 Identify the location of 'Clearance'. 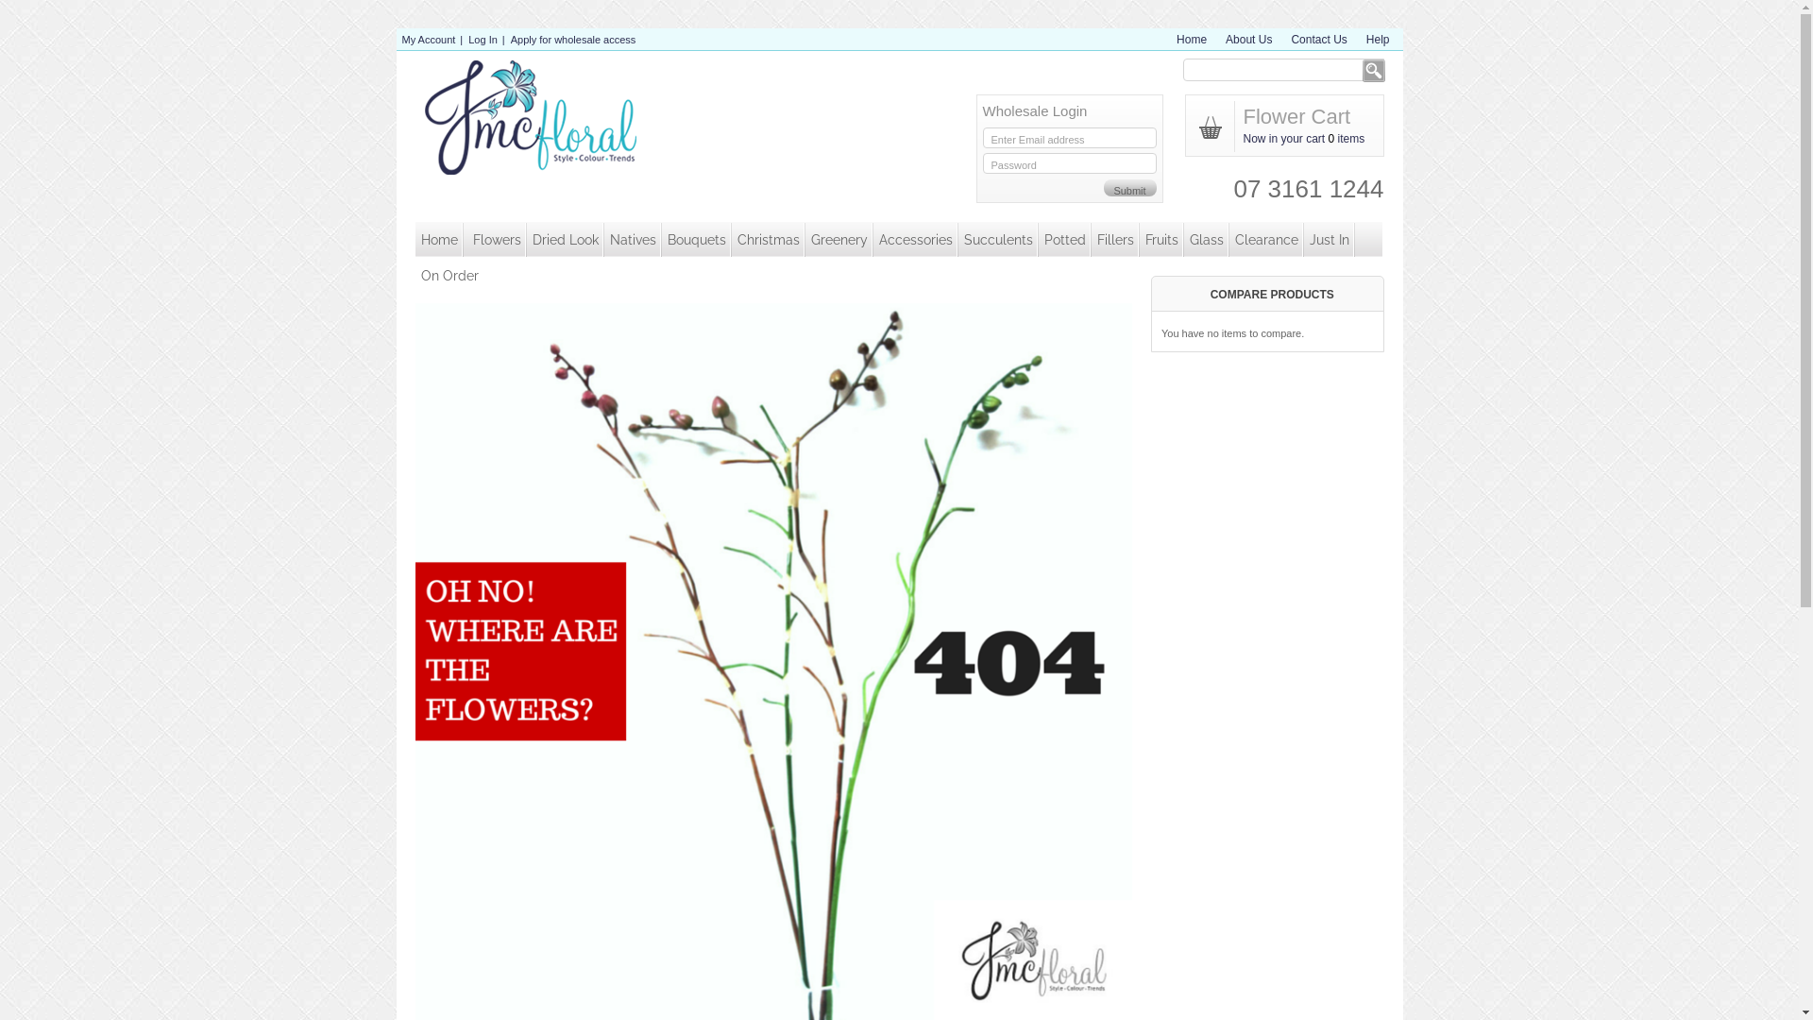
(1266, 239).